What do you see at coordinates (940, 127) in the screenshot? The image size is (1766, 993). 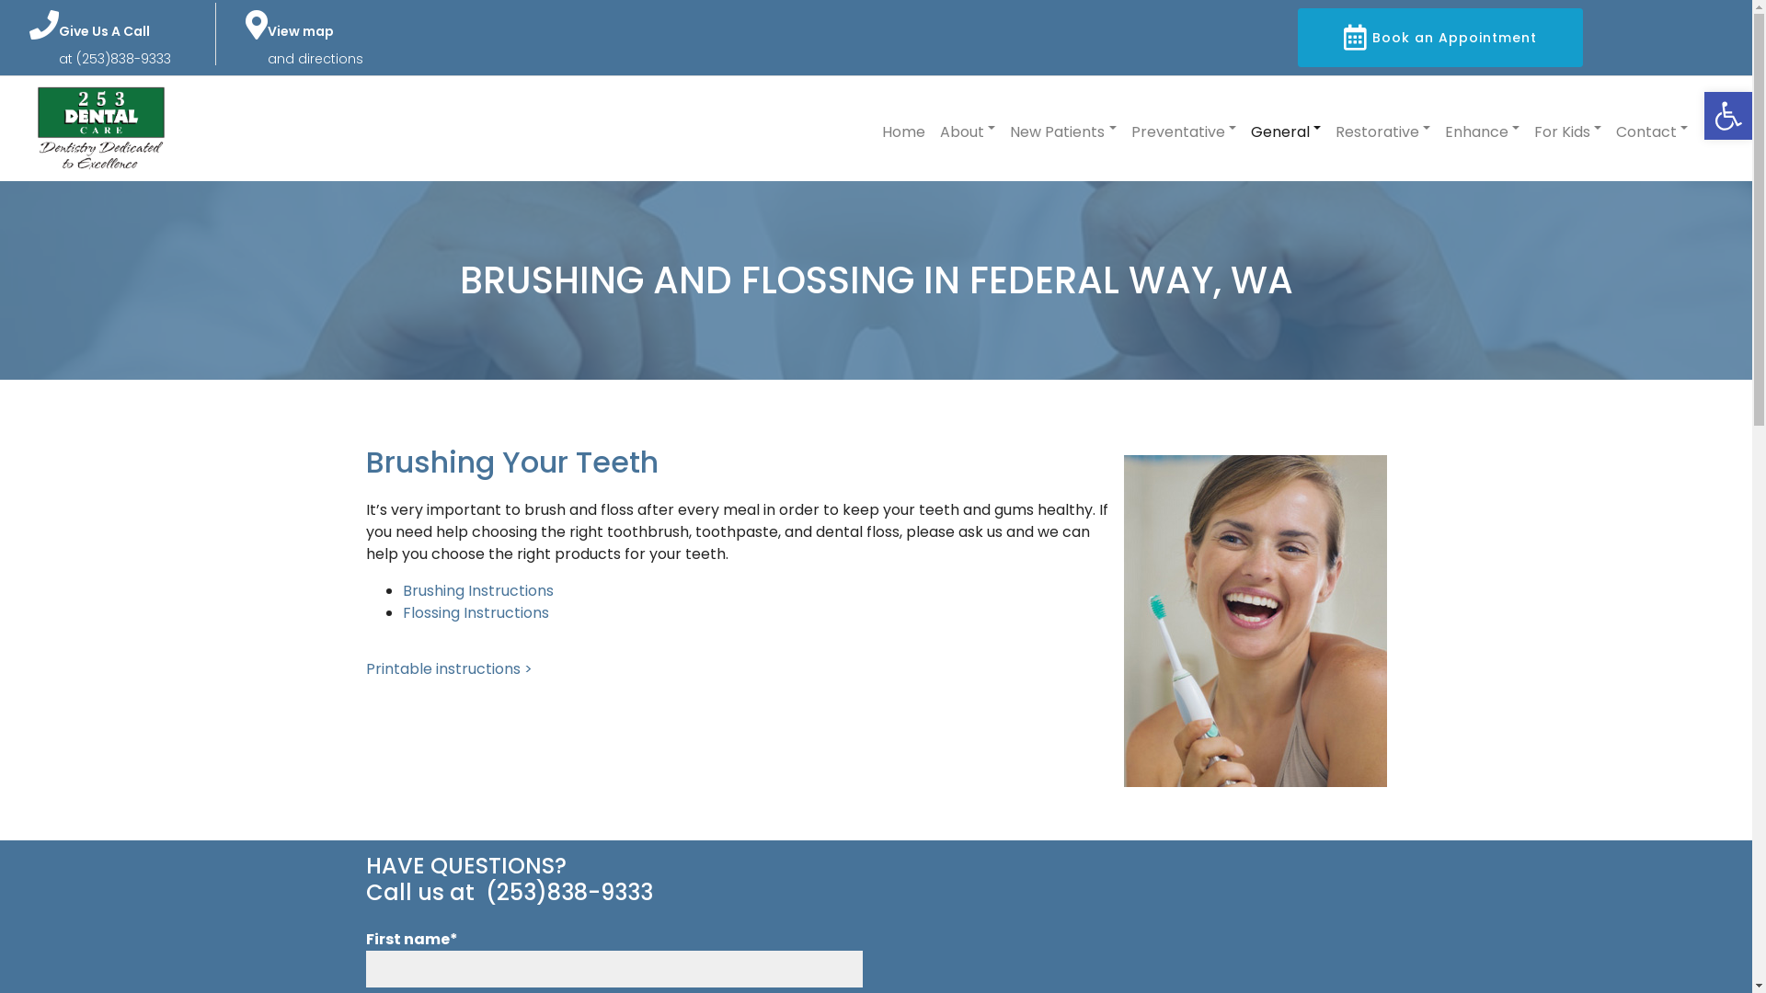 I see `'About'` at bounding box center [940, 127].